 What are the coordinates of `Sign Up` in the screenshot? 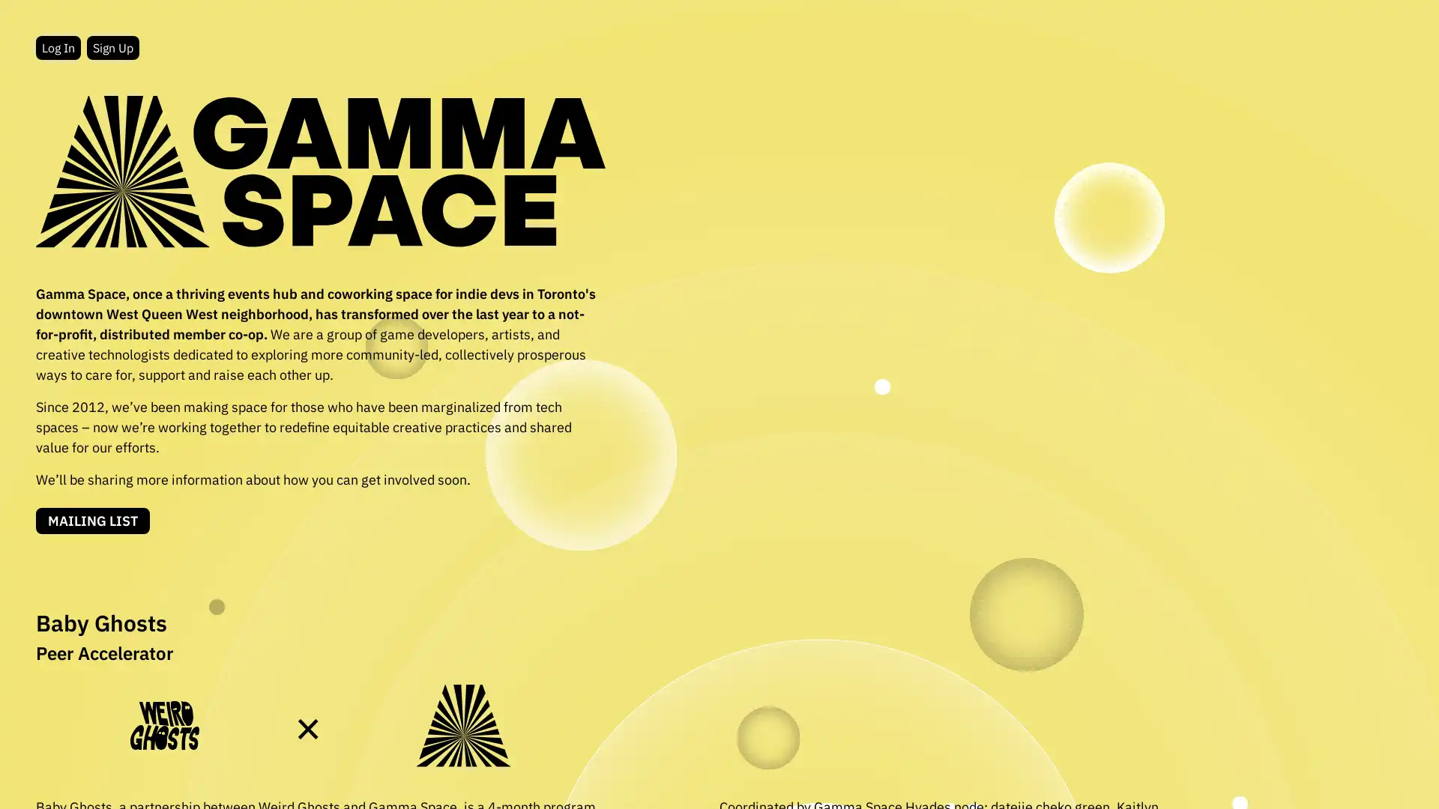 It's located at (112, 47).